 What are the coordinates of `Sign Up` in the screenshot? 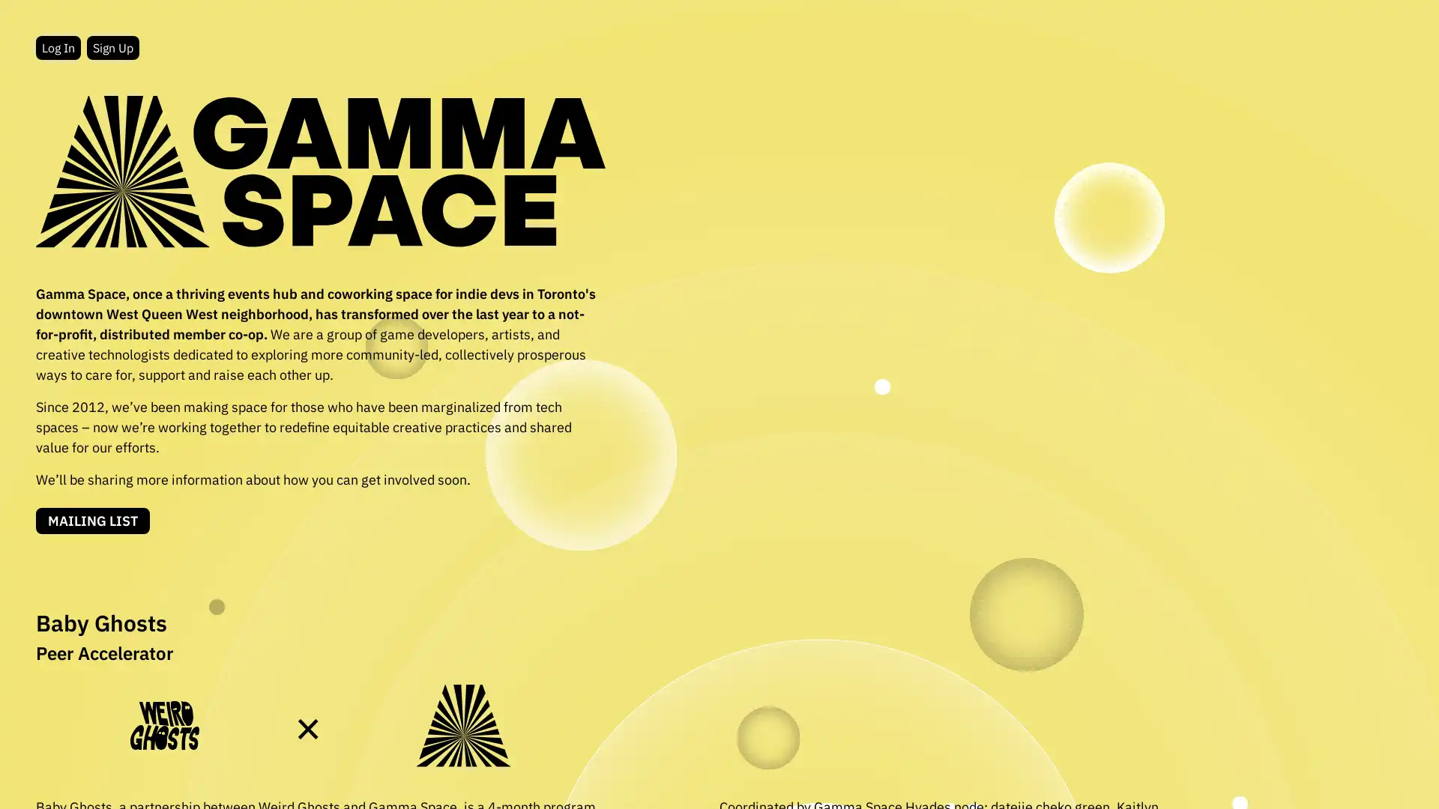 It's located at (112, 47).